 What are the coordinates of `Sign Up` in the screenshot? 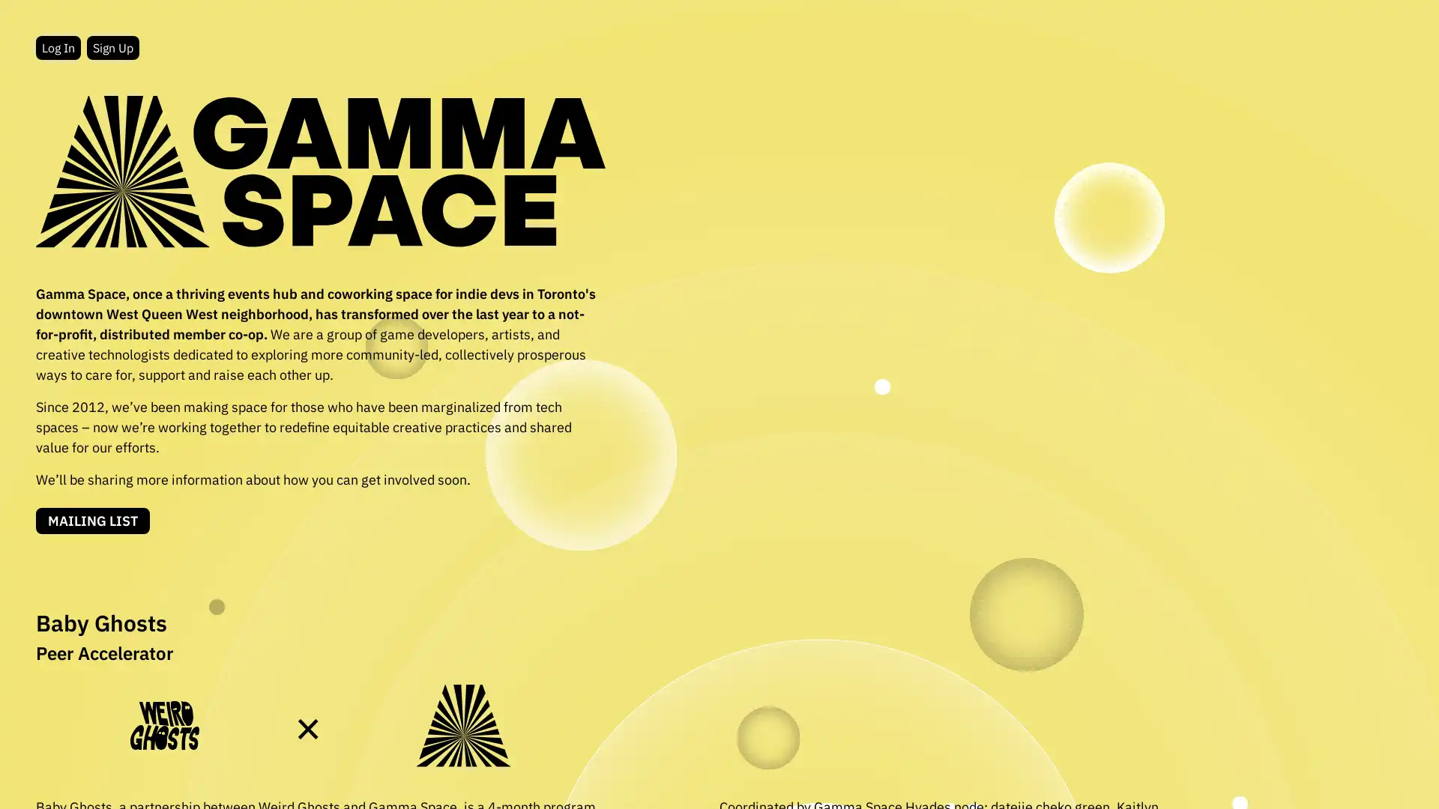 It's located at (112, 47).